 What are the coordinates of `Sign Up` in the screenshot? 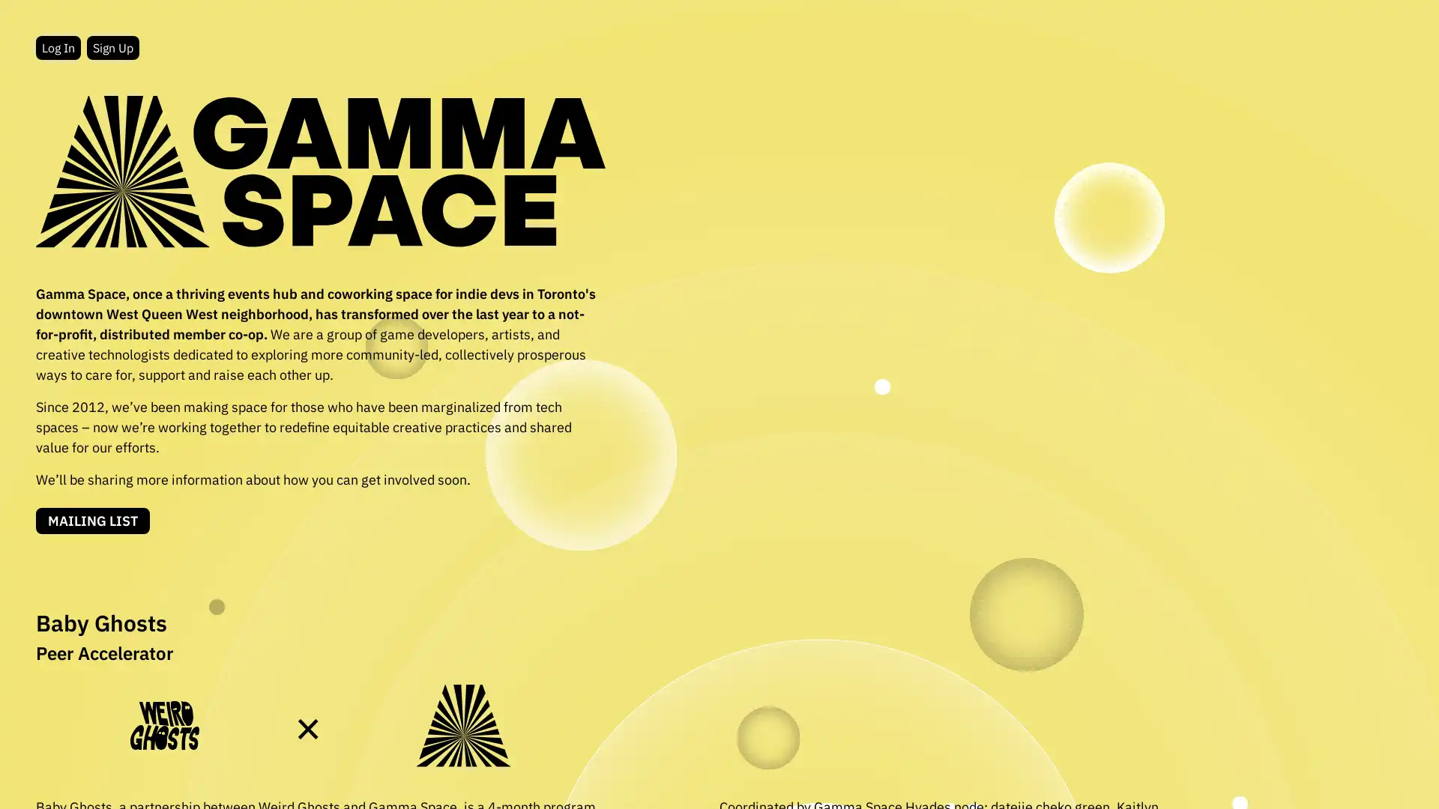 It's located at (112, 47).